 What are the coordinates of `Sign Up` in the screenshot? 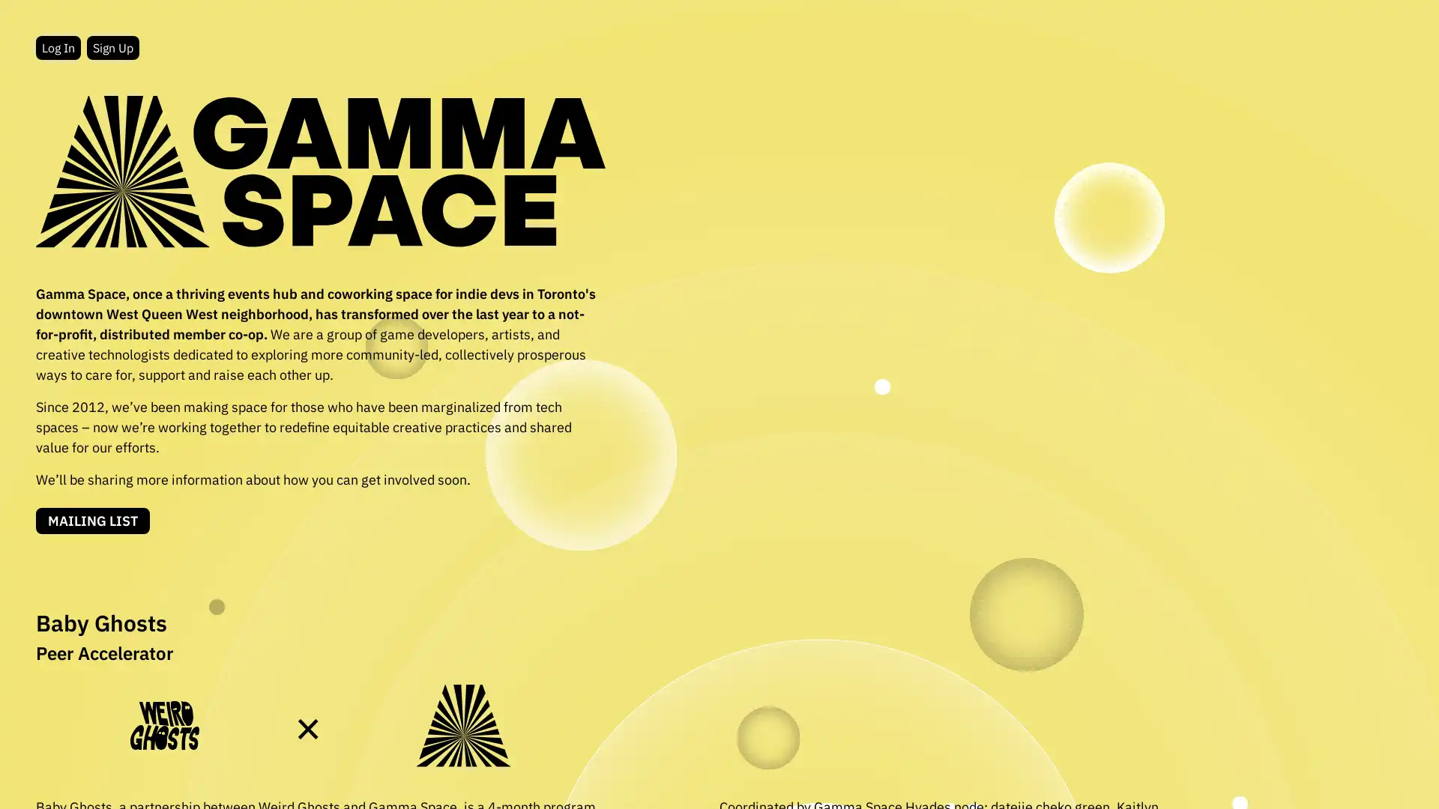 It's located at (112, 47).